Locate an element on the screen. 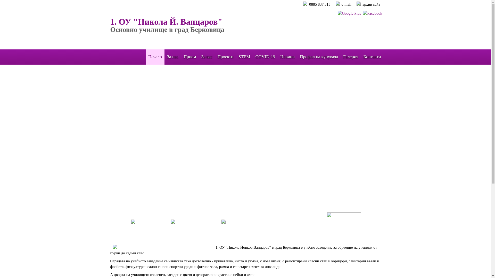  'STEM' is located at coordinates (244, 57).